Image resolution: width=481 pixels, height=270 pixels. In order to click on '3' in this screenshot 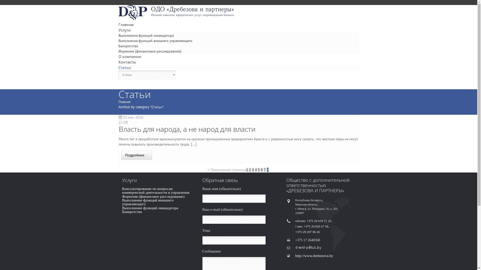, I will do `click(252, 169)`.